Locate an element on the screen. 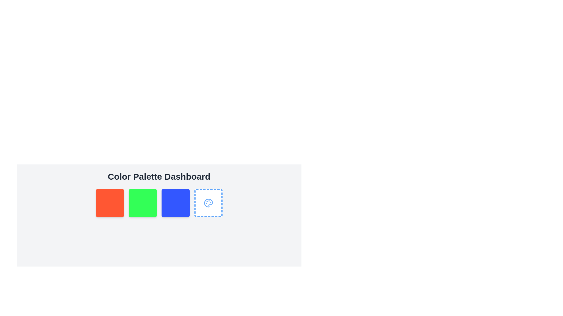  the first color swatch in the color palette located under the 'Color Palette Dashboard' title is located at coordinates (110, 203).